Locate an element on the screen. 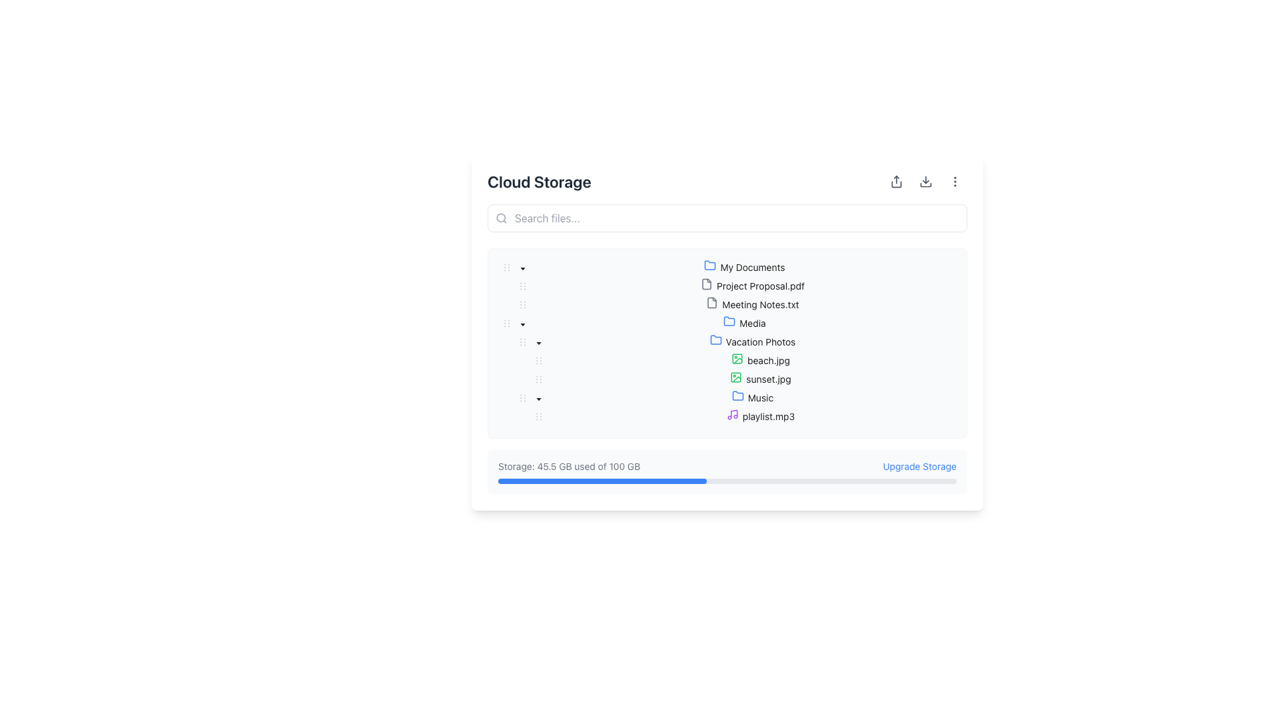 The image size is (1279, 719). the leftmost indentation marker of the tree item labeled 'beach.jpg' to visualize its hierarchy representation is located at coordinates (514, 361).